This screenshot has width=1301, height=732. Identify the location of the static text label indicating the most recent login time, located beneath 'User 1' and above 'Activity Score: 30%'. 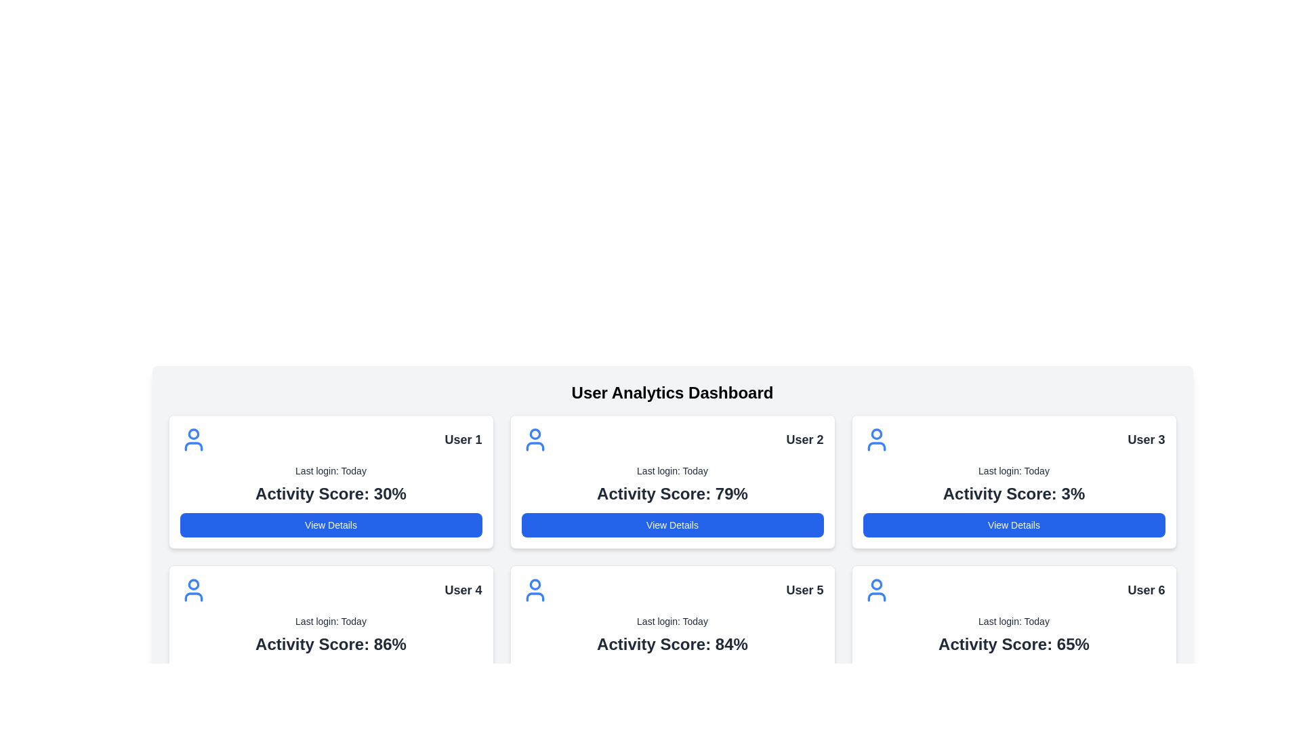
(331, 470).